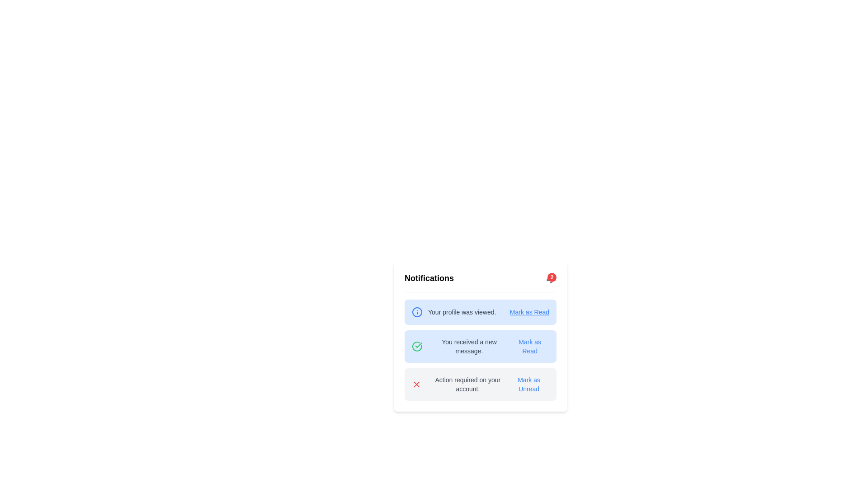 This screenshot has width=868, height=488. What do you see at coordinates (416, 346) in the screenshot?
I see `the success confirmation icon positioned to the left of the text 'You received a new message.'` at bounding box center [416, 346].